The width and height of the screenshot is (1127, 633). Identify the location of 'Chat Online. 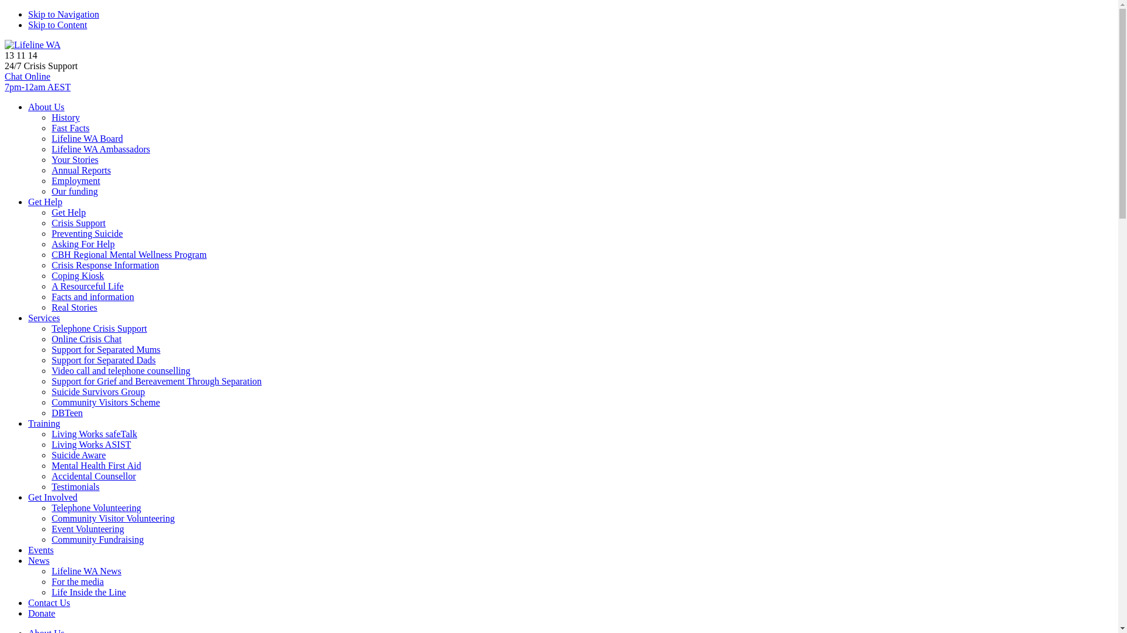
(5, 81).